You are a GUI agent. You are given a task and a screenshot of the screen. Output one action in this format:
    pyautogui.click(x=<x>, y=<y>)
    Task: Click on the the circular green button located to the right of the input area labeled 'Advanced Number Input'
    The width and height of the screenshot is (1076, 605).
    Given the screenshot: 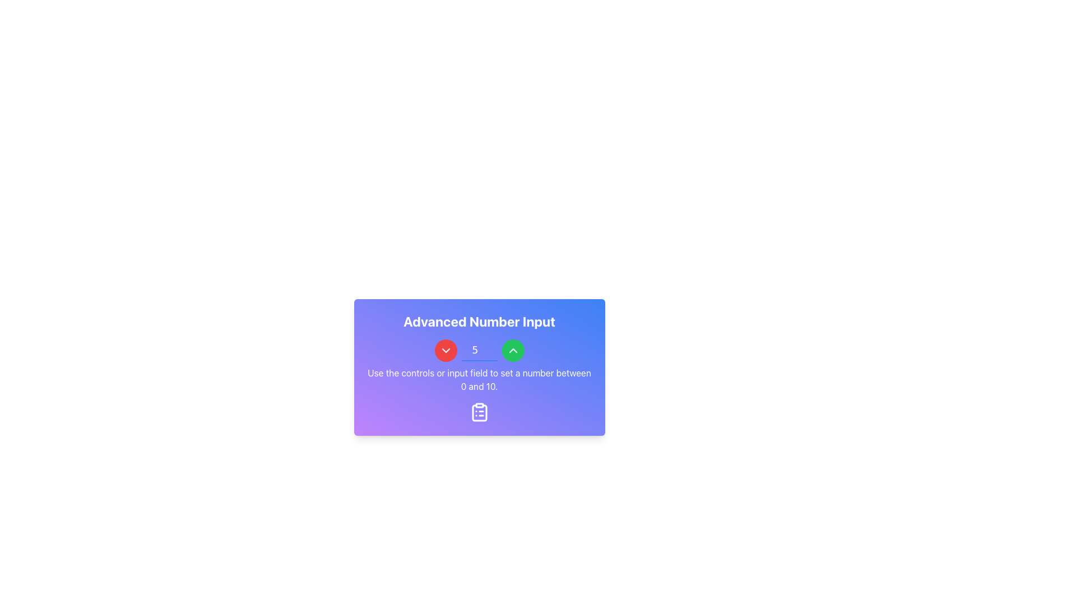 What is the action you would take?
    pyautogui.click(x=512, y=350)
    